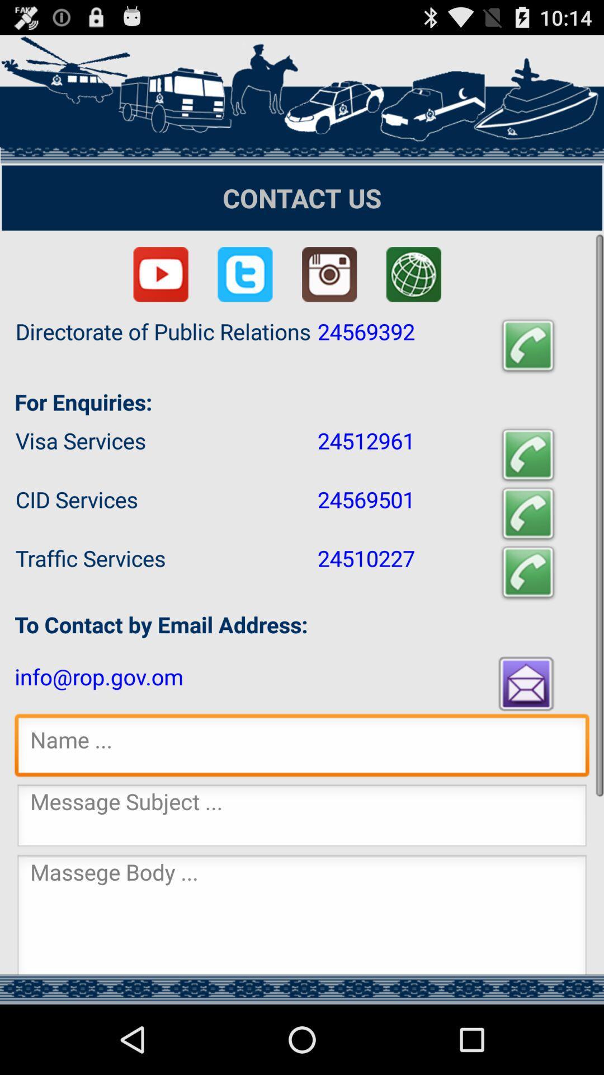  Describe the element at coordinates (244, 293) in the screenshot. I see `the twitter icon` at that location.